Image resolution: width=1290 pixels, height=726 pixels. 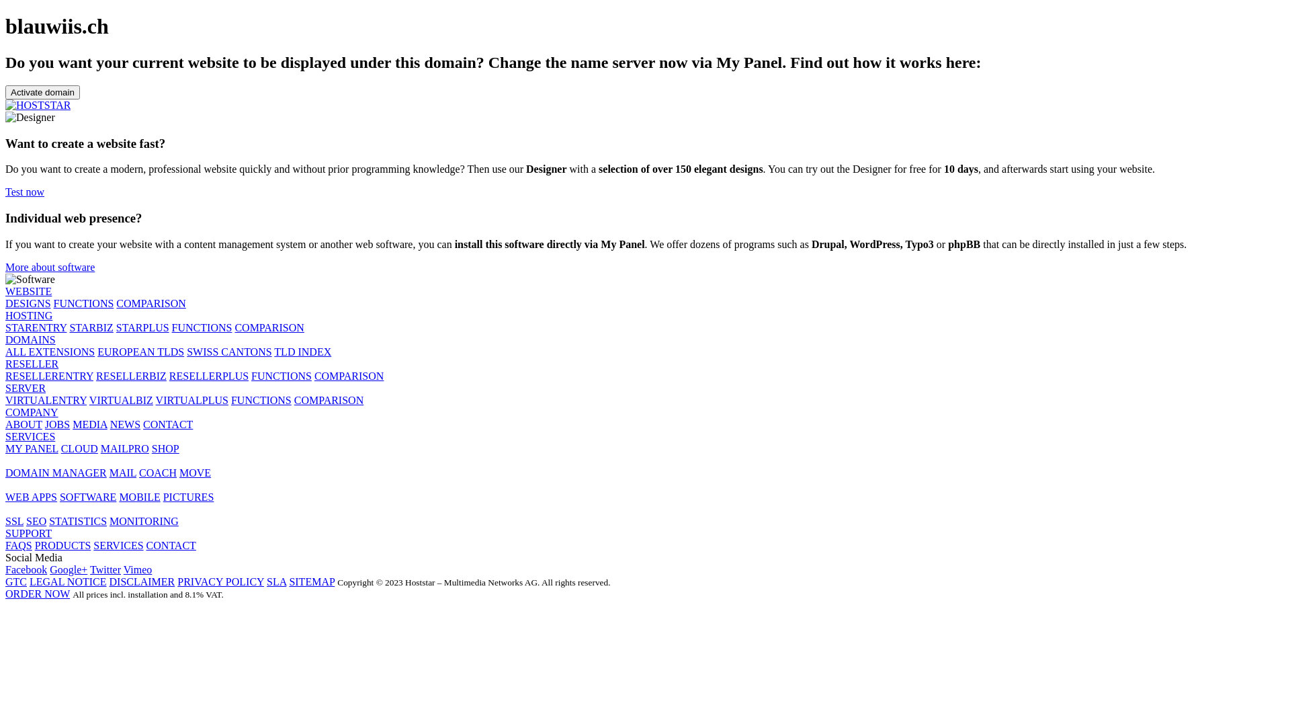 I want to click on 'RESELLER', so click(x=32, y=364).